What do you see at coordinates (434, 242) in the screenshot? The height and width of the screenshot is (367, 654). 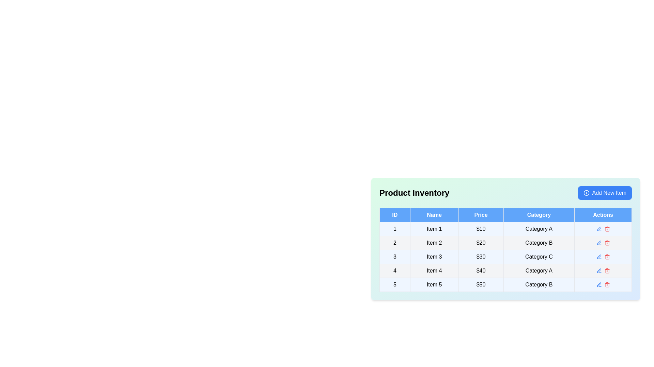 I see `text content of the Text Cell containing 'Item 2' in the 'Product Inventory' table, located in the second row under the 'Name' column` at bounding box center [434, 242].